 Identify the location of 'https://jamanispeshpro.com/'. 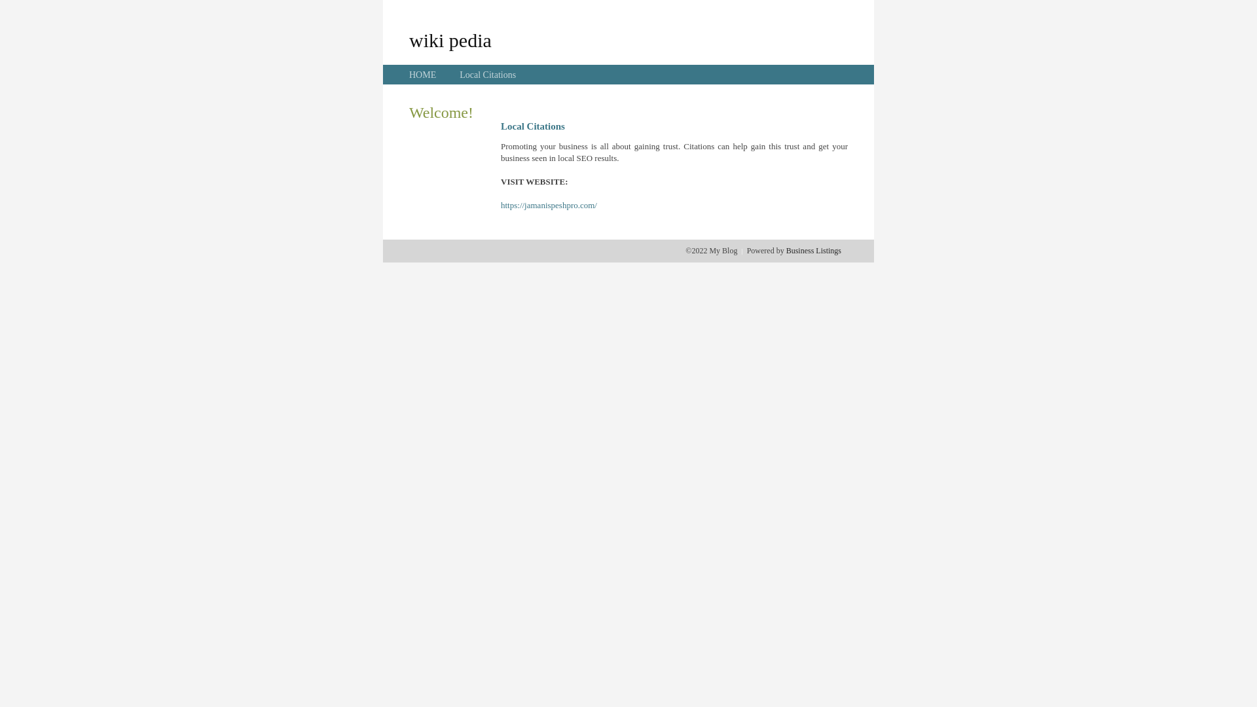
(549, 205).